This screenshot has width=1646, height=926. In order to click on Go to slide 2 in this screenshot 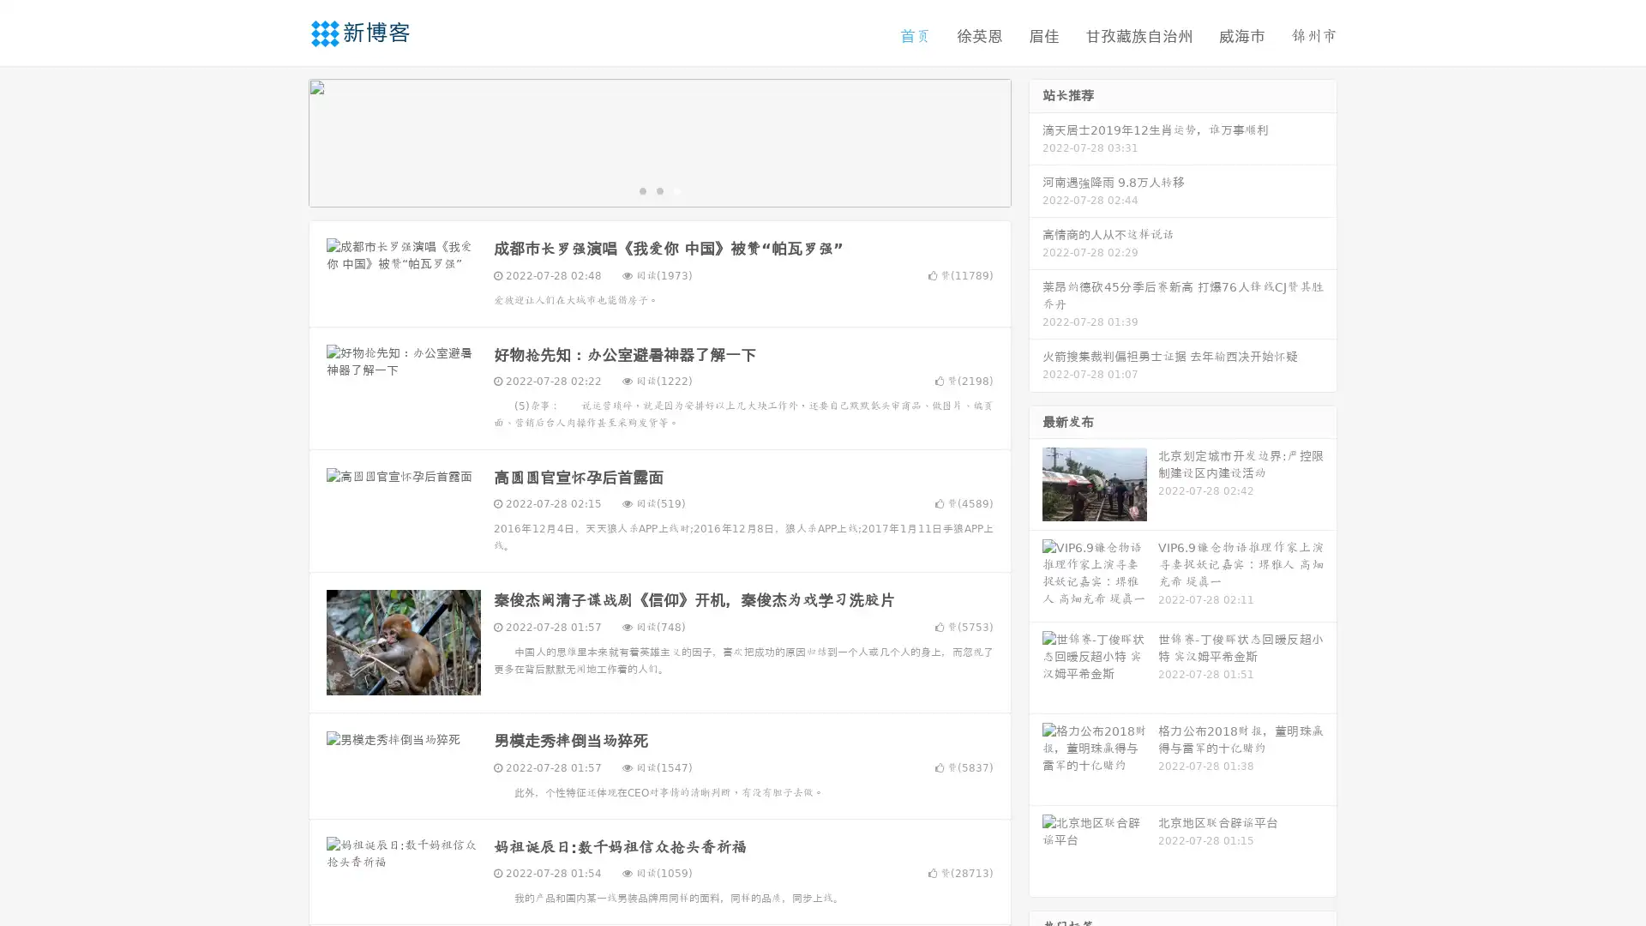, I will do `click(658, 193)`.